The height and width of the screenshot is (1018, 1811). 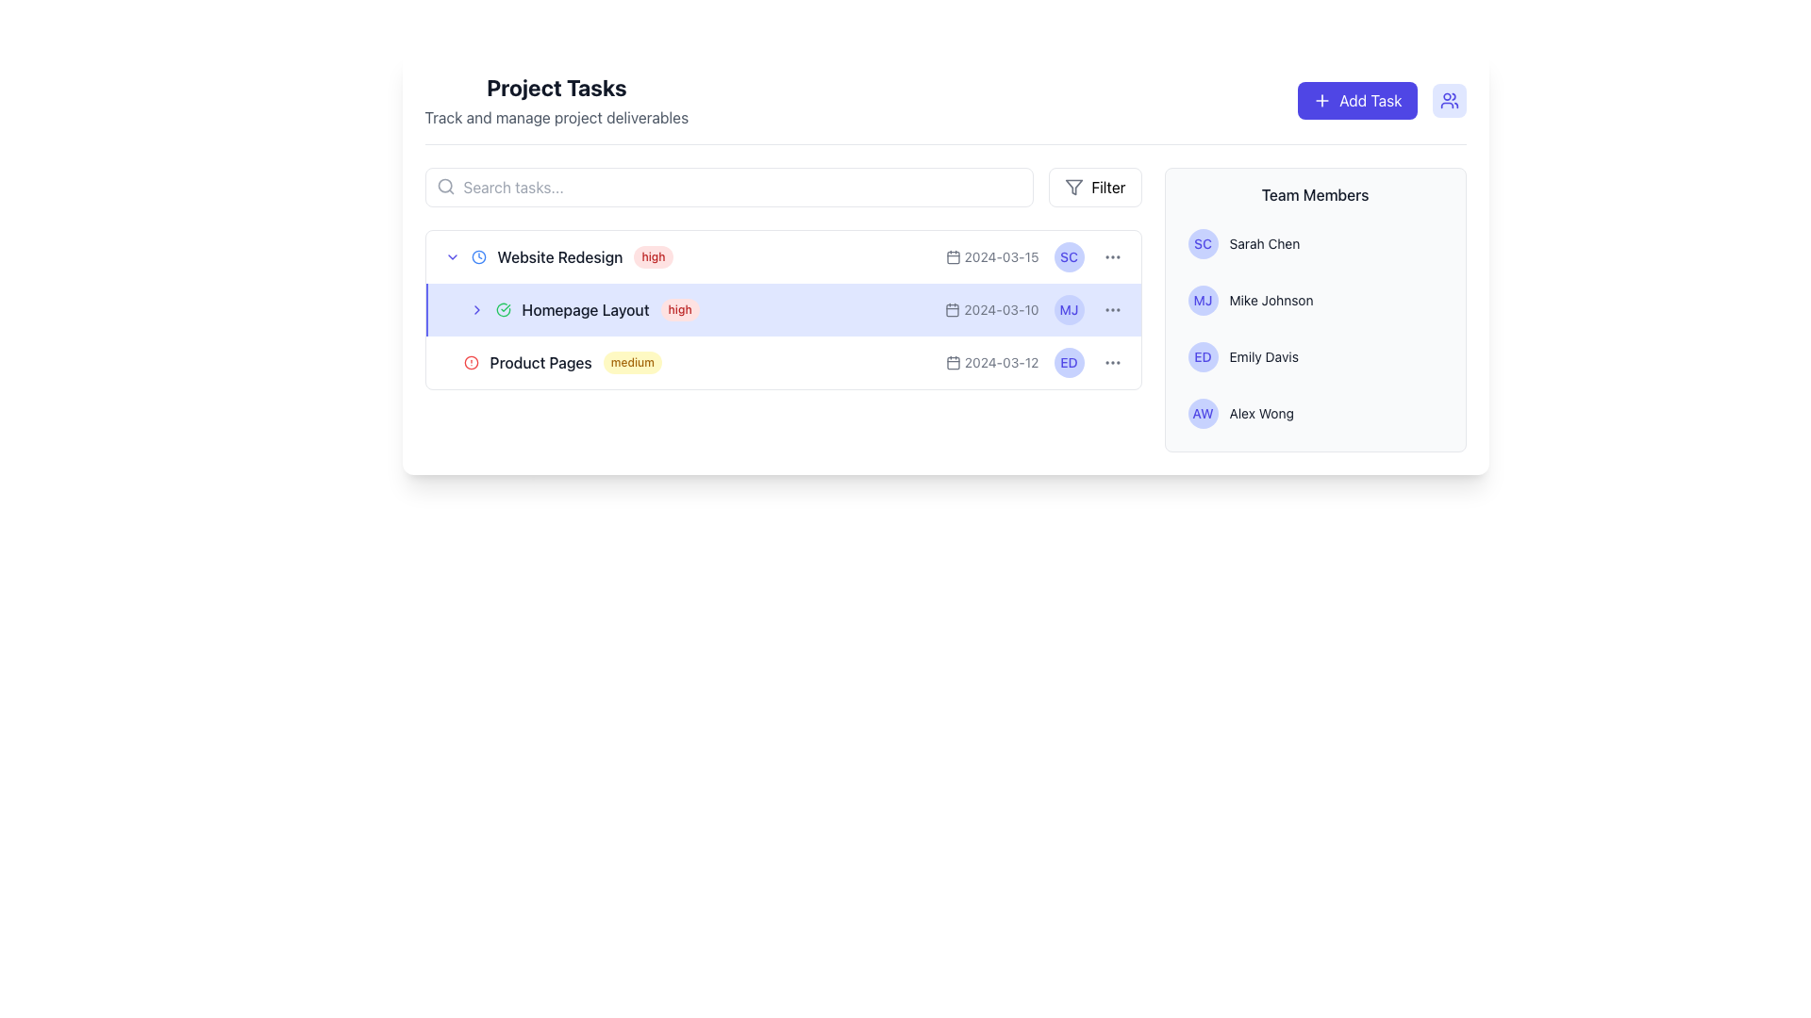 What do you see at coordinates (585, 308) in the screenshot?
I see `the text label displaying 'Homepage Layout,' which is located in the second row of the task list, positioned between a checkmark icon and a red priority label marked 'high.'` at bounding box center [585, 308].